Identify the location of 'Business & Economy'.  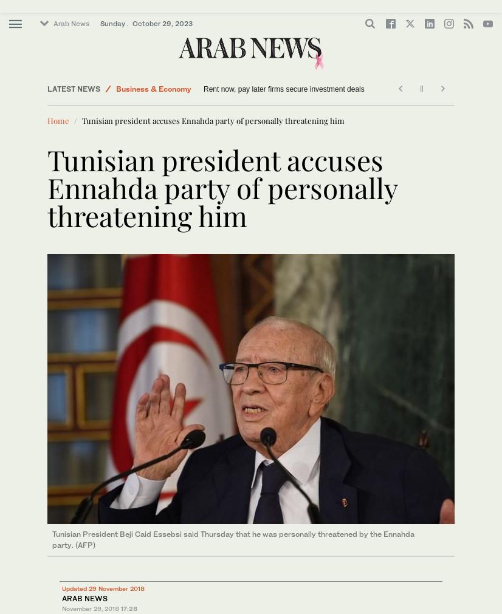
(115, 88).